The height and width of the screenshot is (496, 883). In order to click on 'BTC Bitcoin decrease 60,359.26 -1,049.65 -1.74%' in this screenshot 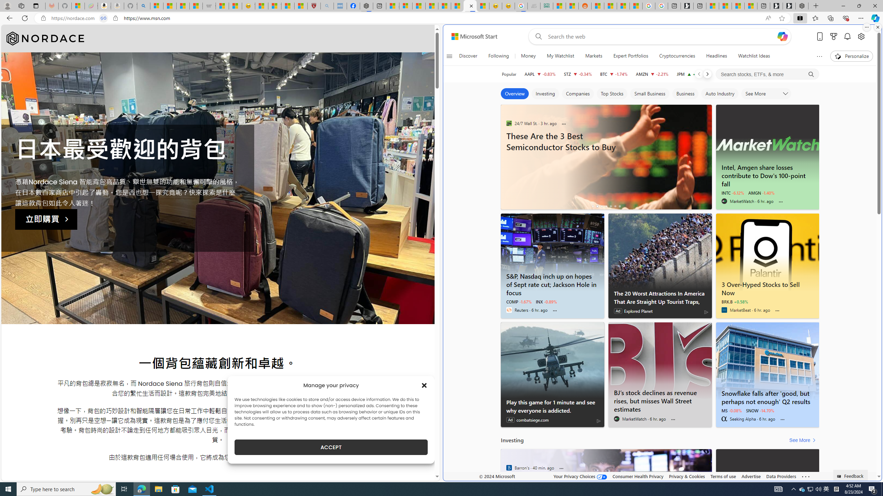, I will do `click(614, 74)`.